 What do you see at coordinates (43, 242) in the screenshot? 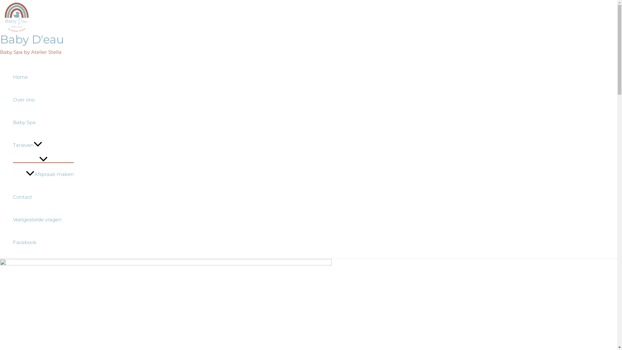
I see `'Facebook'` at bounding box center [43, 242].